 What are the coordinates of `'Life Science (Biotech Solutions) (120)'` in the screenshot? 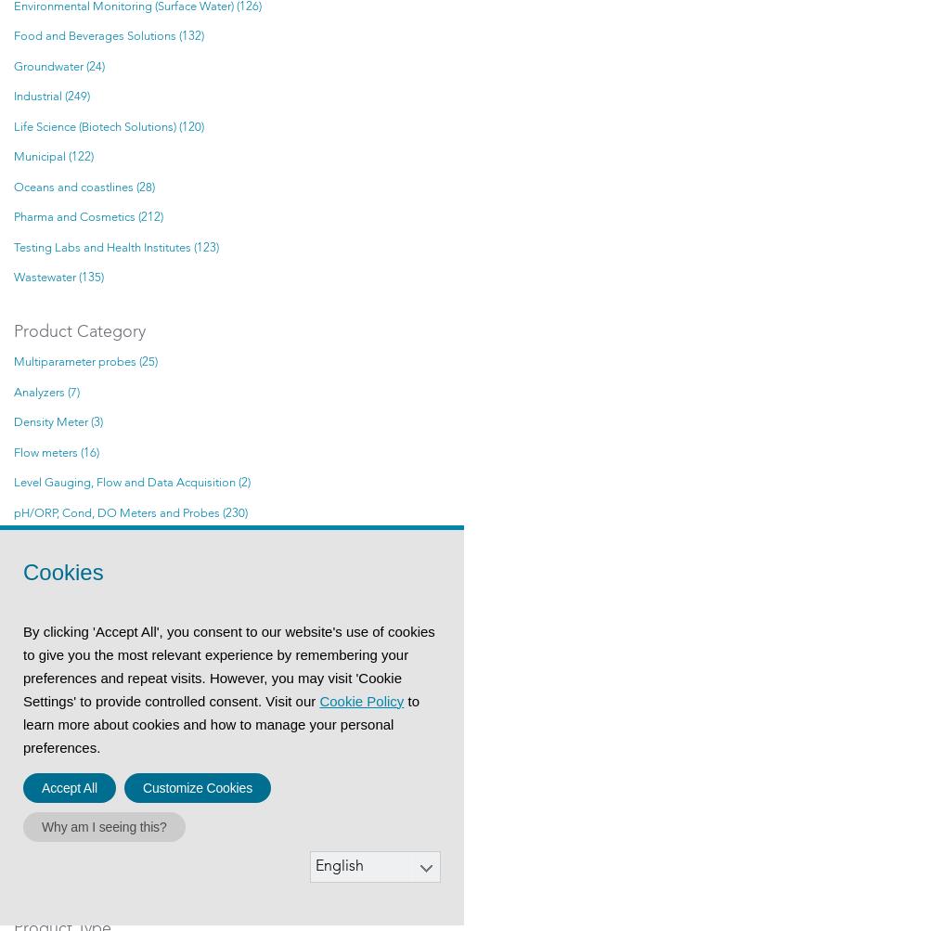 It's located at (108, 125).